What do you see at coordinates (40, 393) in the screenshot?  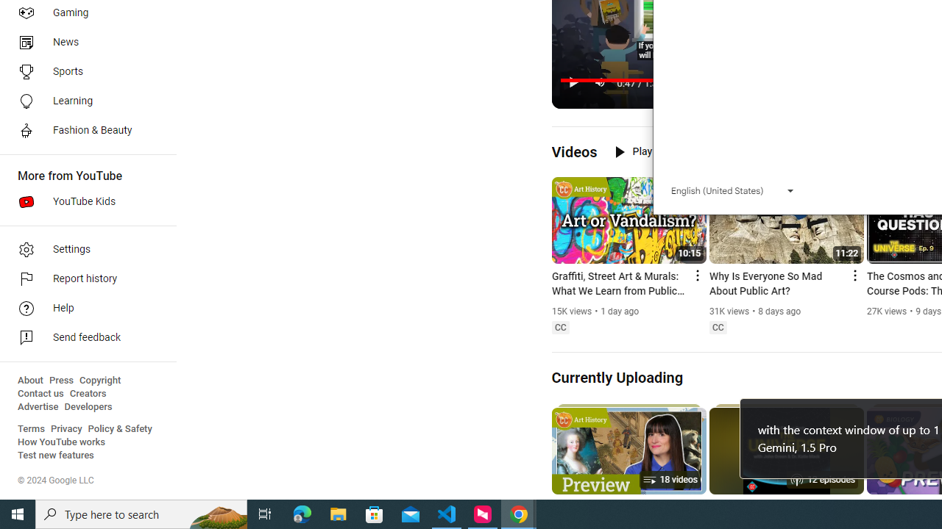 I see `'Contact us'` at bounding box center [40, 393].